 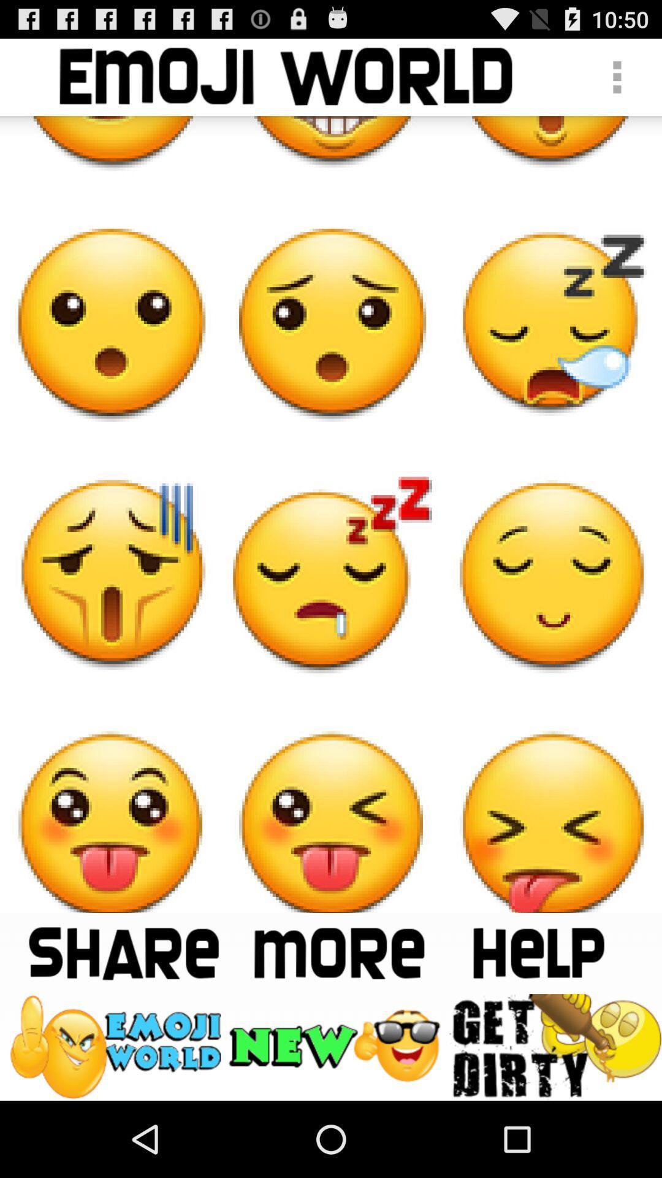 What do you see at coordinates (537, 952) in the screenshot?
I see `help menu` at bounding box center [537, 952].